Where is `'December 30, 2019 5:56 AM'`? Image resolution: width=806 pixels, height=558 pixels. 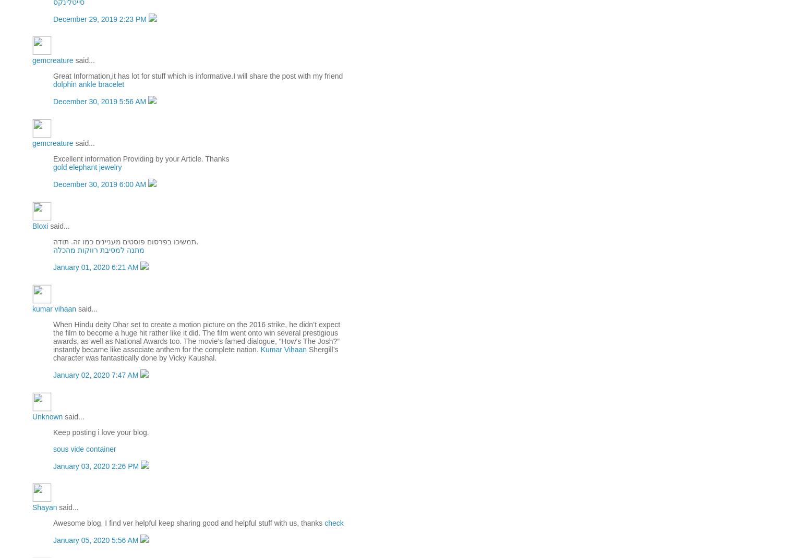 'December 30, 2019 5:56 AM' is located at coordinates (52, 101).